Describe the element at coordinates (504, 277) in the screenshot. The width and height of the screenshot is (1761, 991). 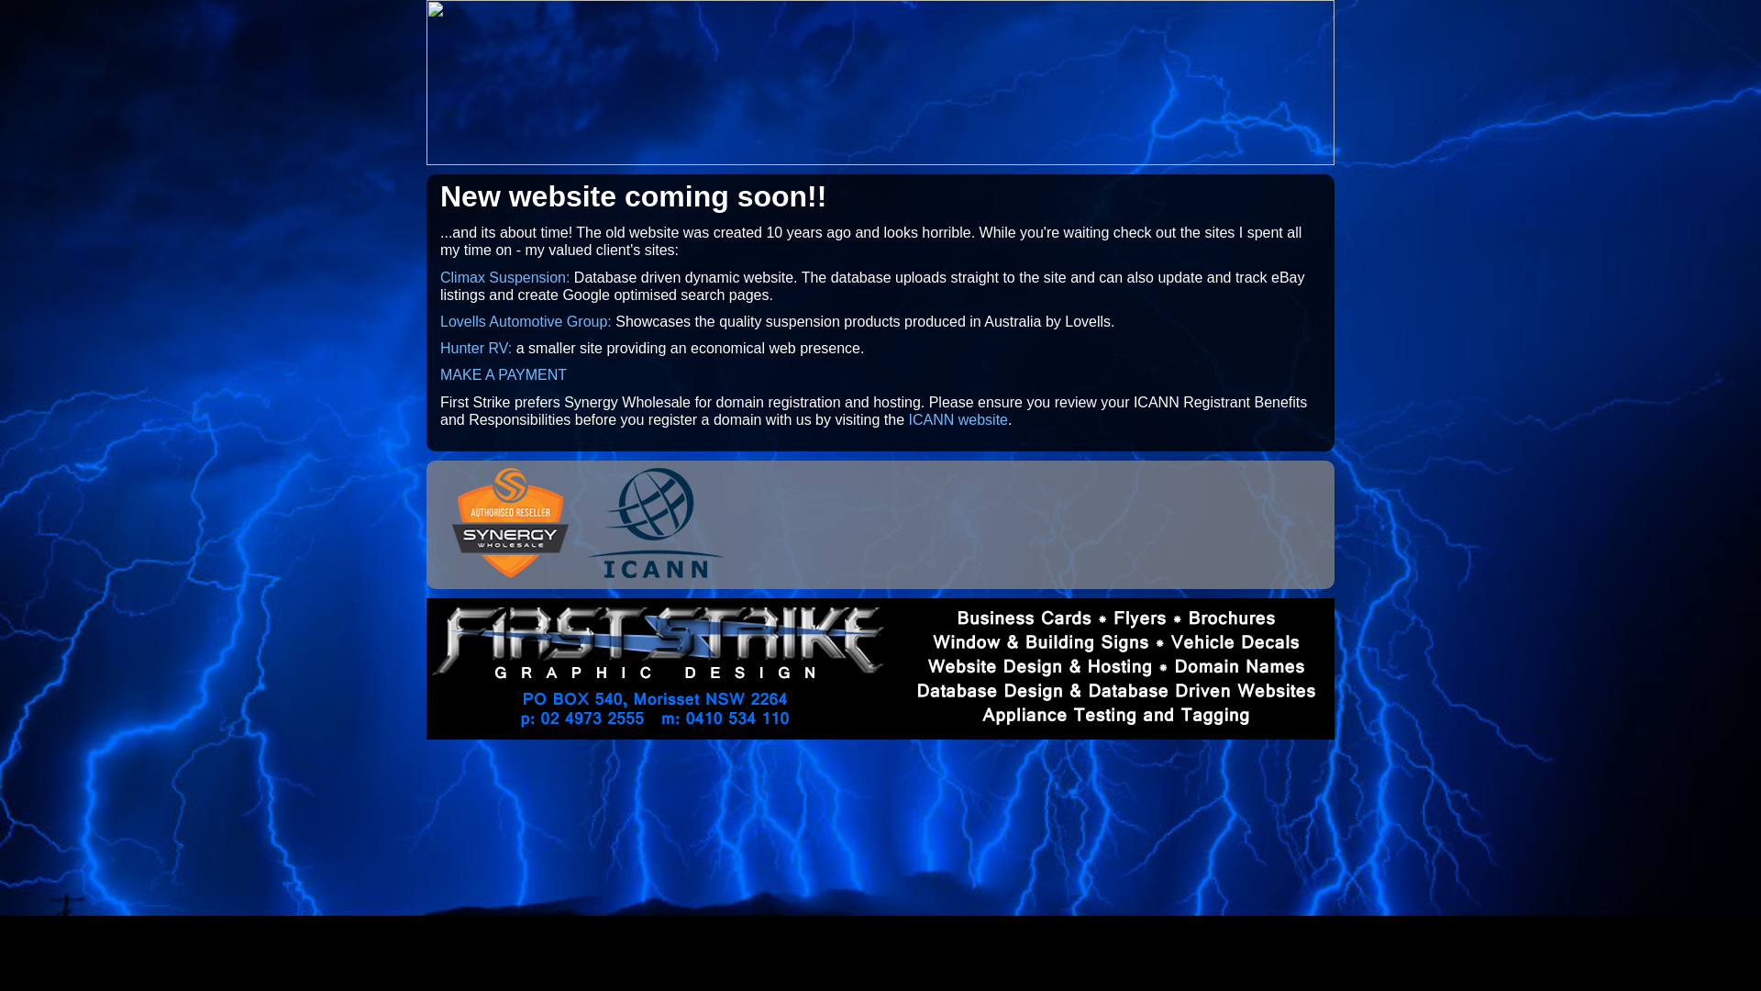
I see `'Climax Suspension:'` at that location.